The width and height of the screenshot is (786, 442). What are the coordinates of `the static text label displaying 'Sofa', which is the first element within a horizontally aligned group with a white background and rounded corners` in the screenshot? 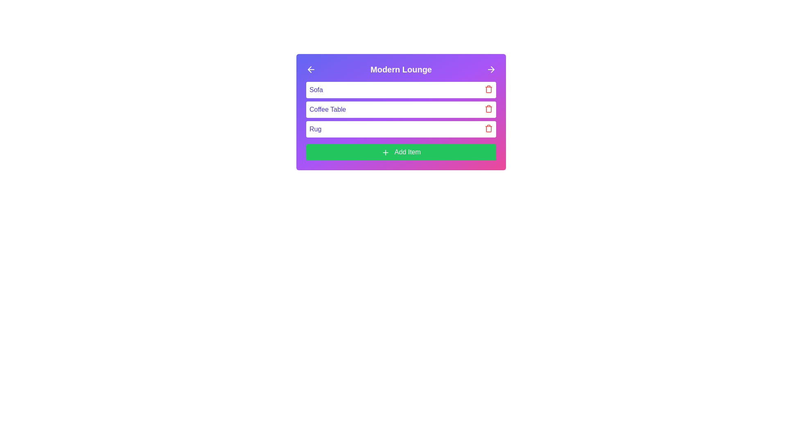 It's located at (316, 90).